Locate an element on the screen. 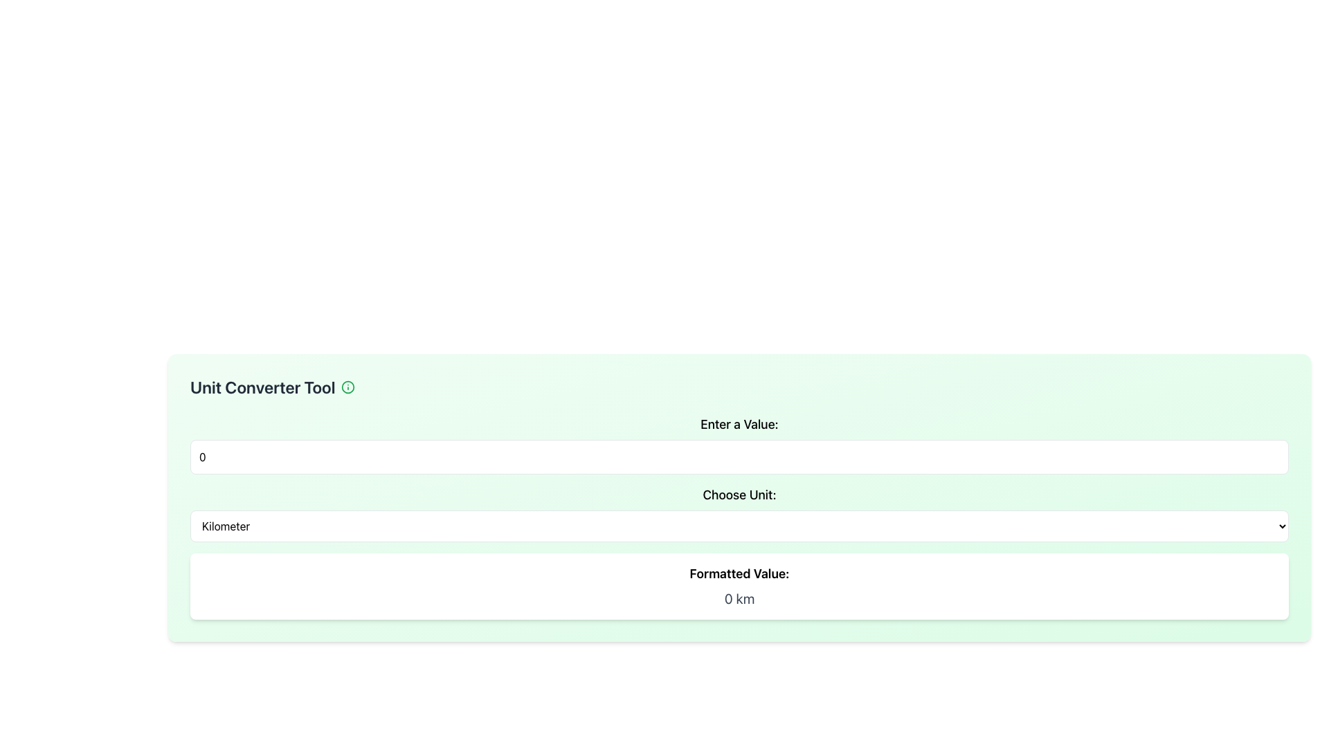 The image size is (1329, 747). within the Labeled Number Input Field of the Unit Converter Tool is located at coordinates (739, 445).